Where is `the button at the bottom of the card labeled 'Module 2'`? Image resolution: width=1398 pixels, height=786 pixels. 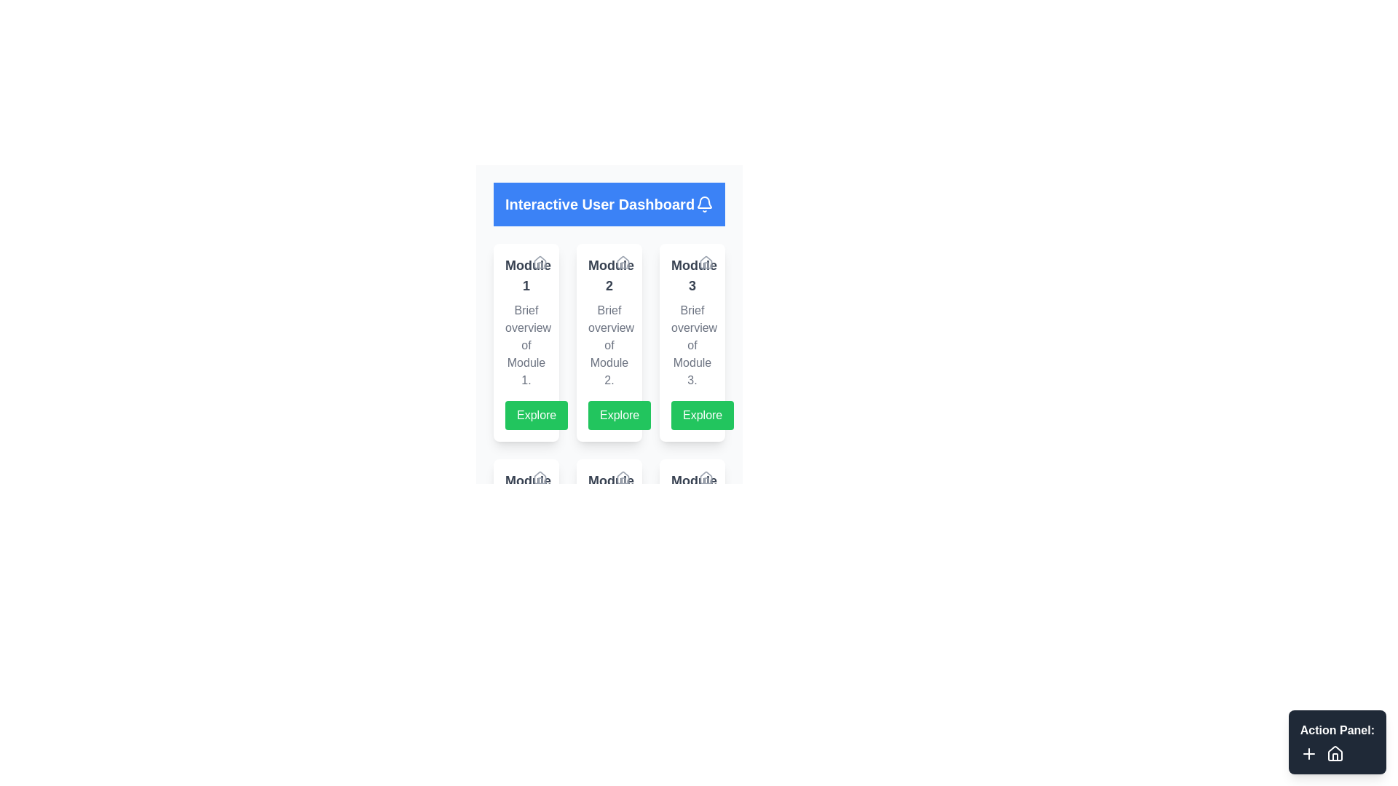
the button at the bottom of the card labeled 'Module 2' is located at coordinates (619, 415).